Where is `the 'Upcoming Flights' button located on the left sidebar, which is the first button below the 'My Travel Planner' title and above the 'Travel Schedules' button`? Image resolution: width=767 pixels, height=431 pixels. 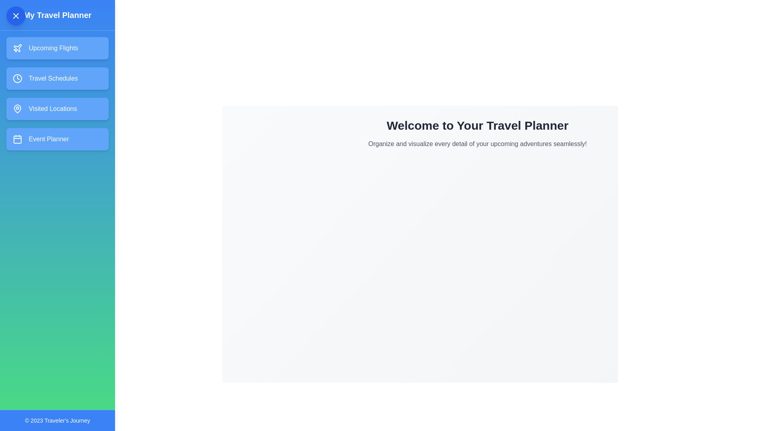 the 'Upcoming Flights' button located on the left sidebar, which is the first button below the 'My Travel Planner' title and above the 'Travel Schedules' button is located at coordinates (57, 48).